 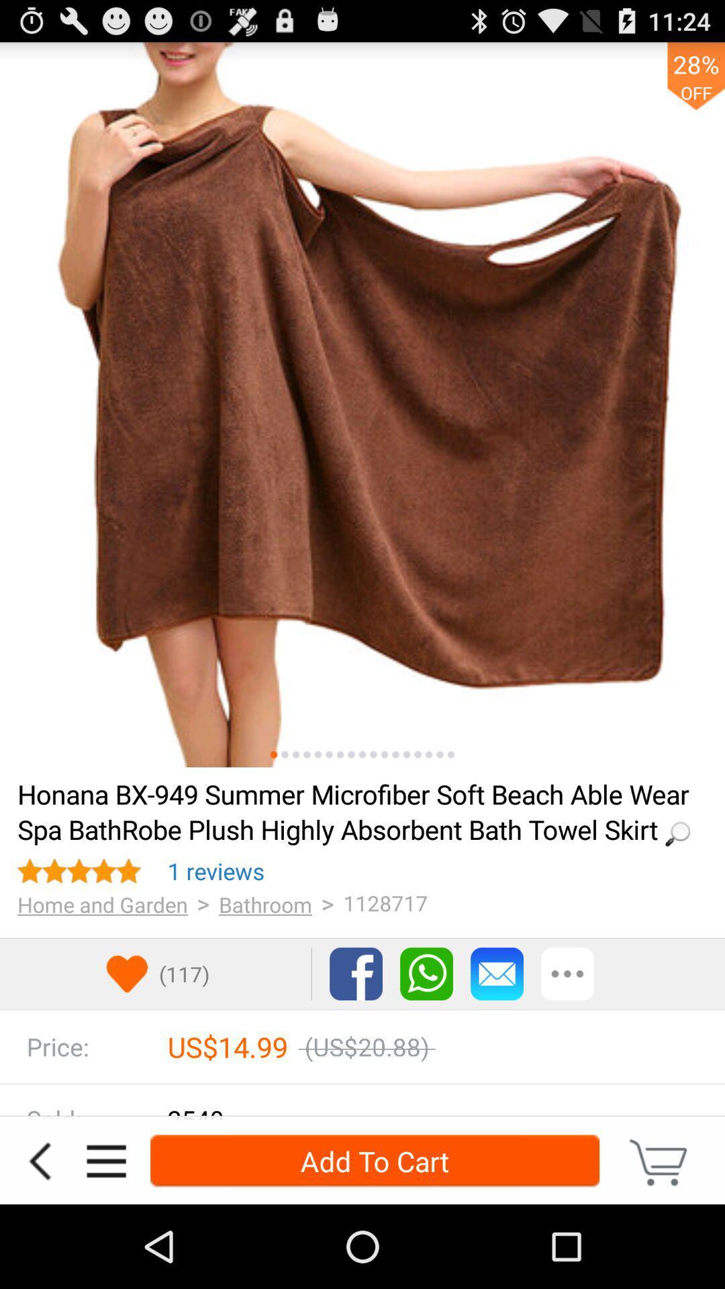 I want to click on icon above the loading... icon, so click(x=339, y=755).